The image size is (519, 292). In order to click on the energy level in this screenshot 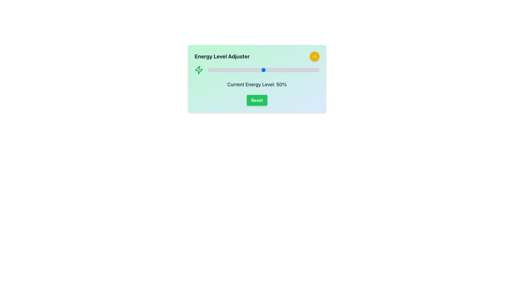, I will do `click(258, 69)`.